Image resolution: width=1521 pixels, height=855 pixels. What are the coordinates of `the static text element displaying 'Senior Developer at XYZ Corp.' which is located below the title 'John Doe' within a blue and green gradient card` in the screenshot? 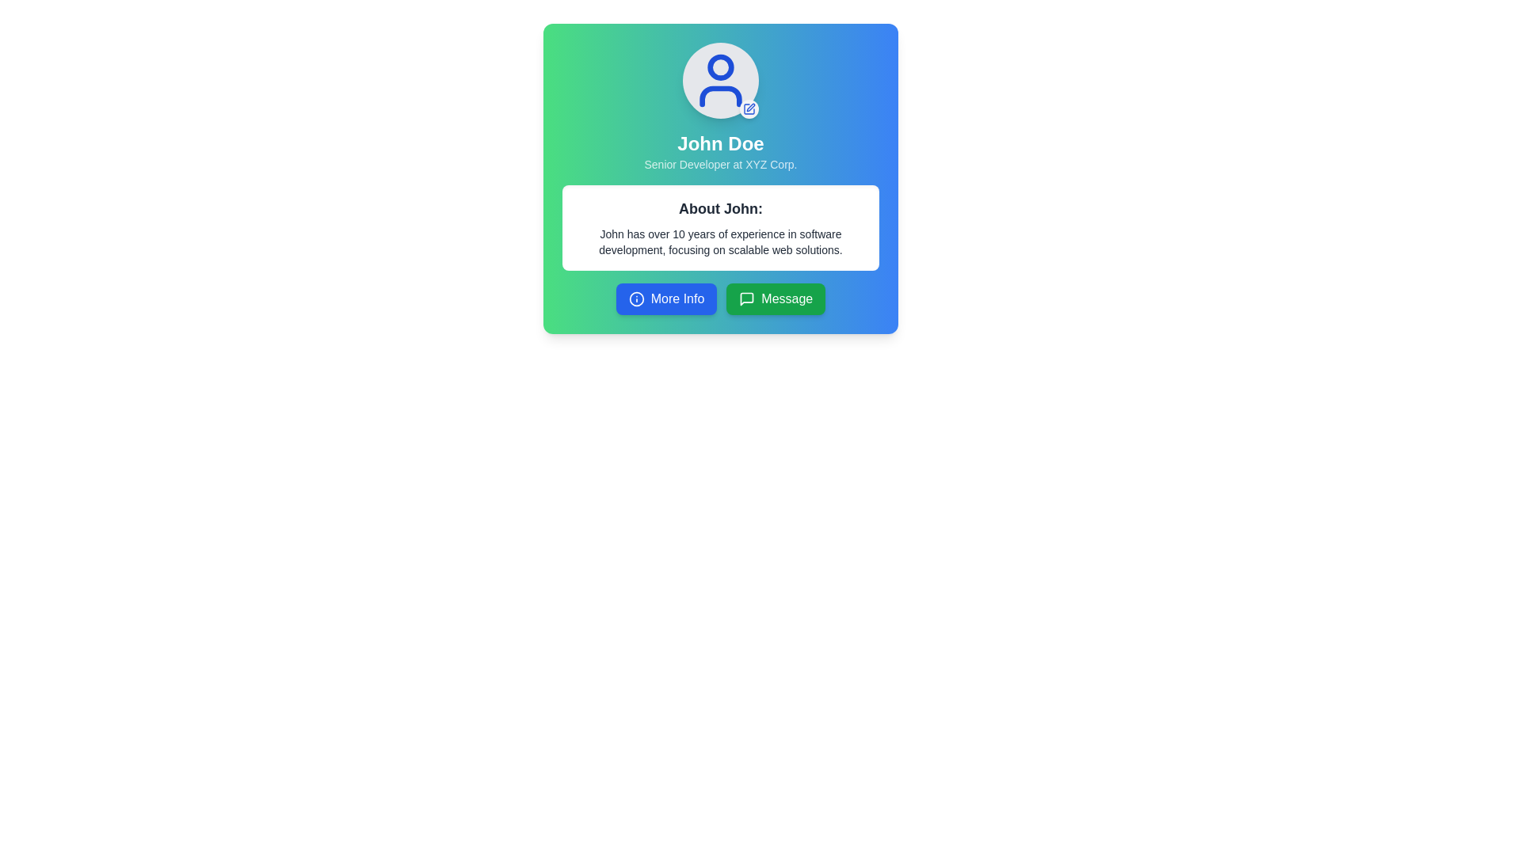 It's located at (720, 165).